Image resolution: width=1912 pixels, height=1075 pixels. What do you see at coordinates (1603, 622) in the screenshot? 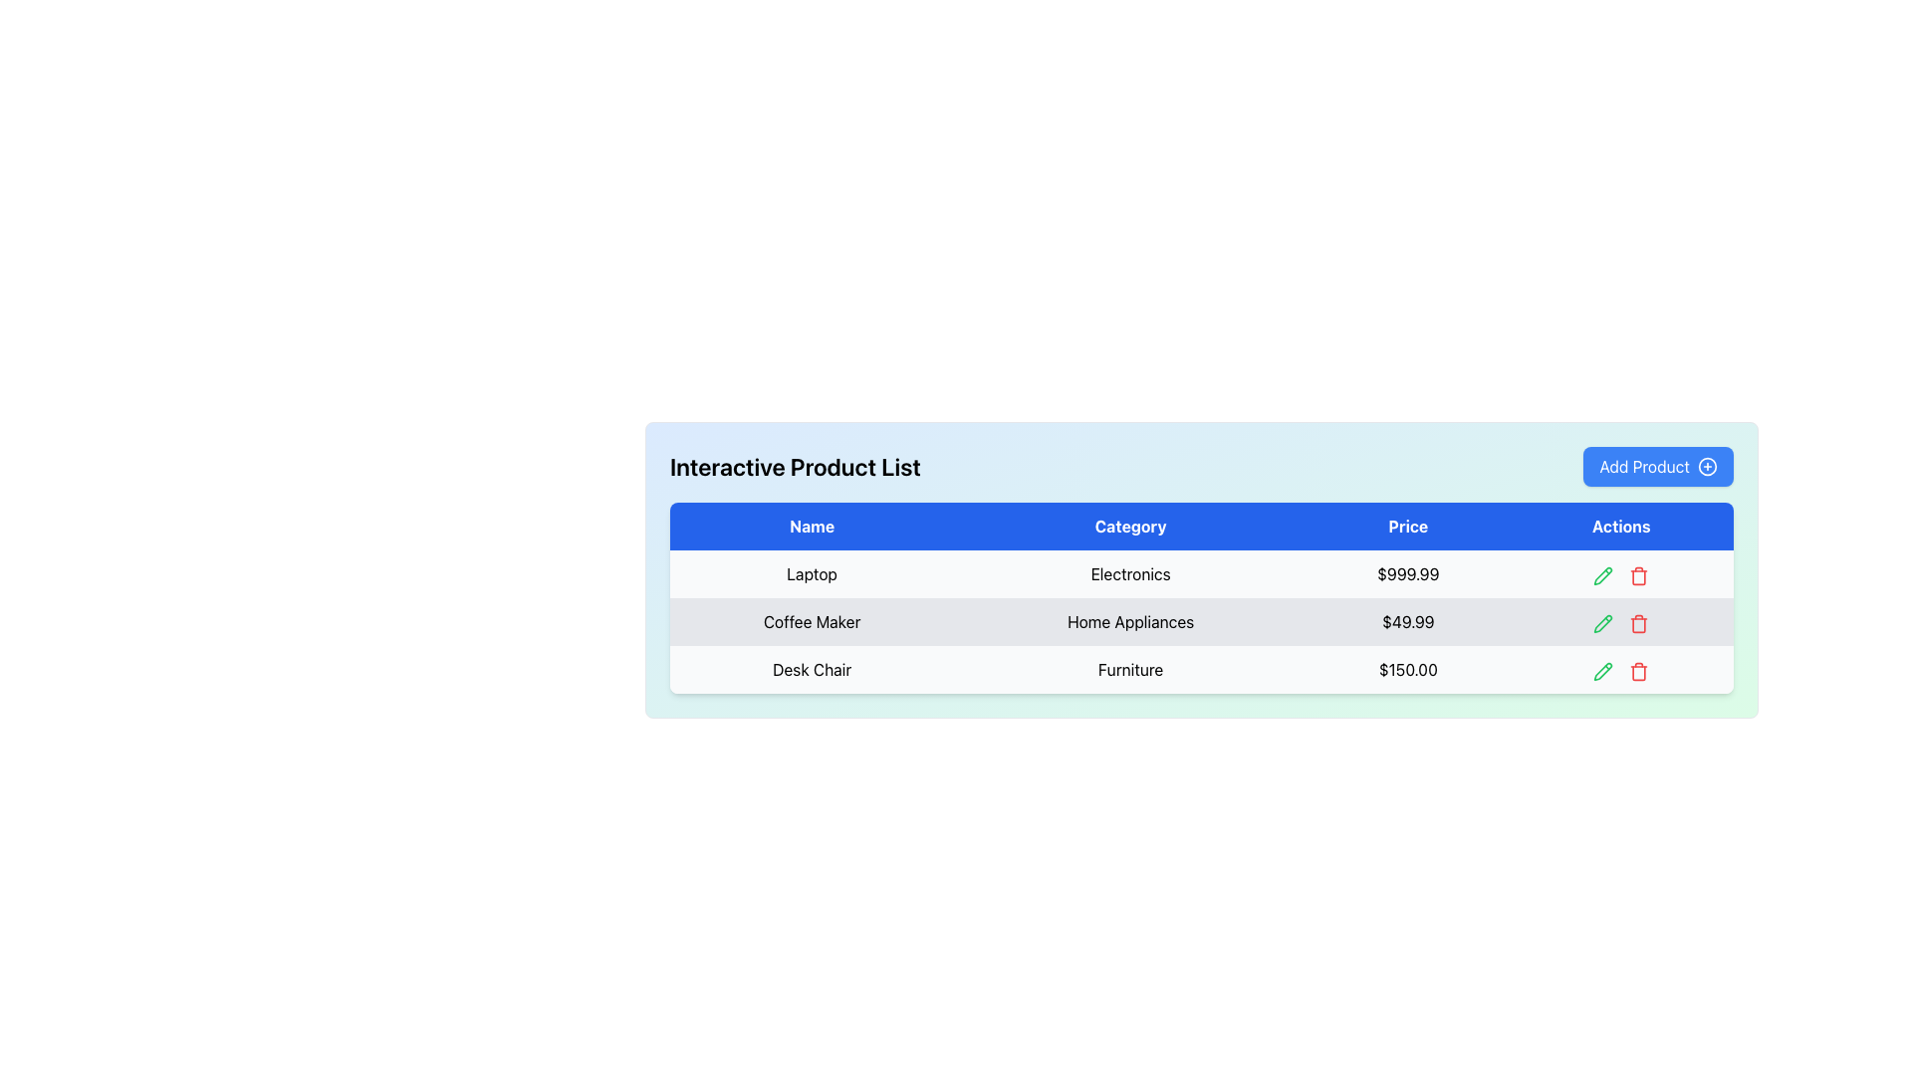
I see `the lower segment of the pencil icon, which is styled with a stroke color and located under the 'Actions' column for the 'Coffee Maker' product entry in the product list table` at bounding box center [1603, 622].